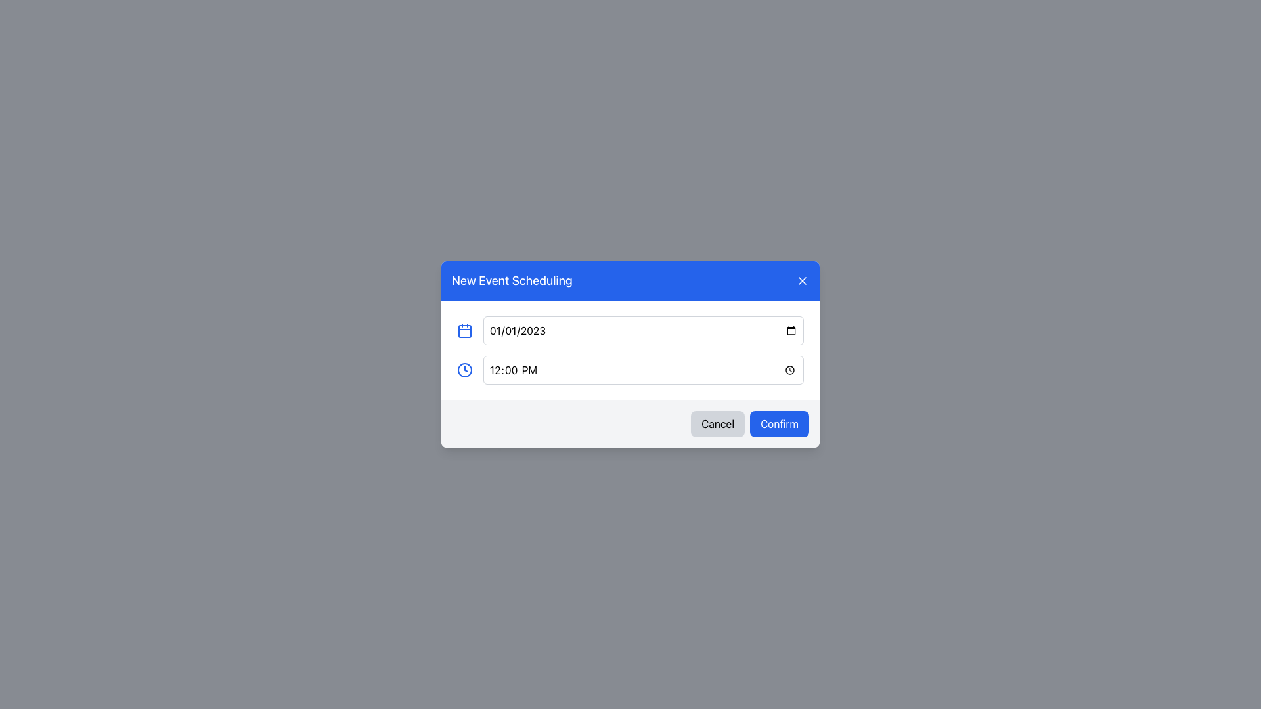 This screenshot has height=709, width=1261. Describe the element at coordinates (630, 370) in the screenshot. I see `and edit the time field in the Interactive Time Selector Row, located below the date row in the 'New Event Scheduling' dialog box` at that location.